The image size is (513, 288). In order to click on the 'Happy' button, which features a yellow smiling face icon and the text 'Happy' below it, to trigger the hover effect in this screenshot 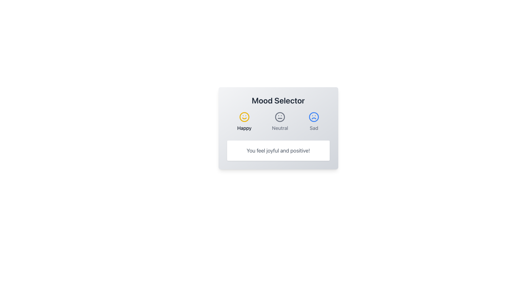, I will do `click(244, 122)`.